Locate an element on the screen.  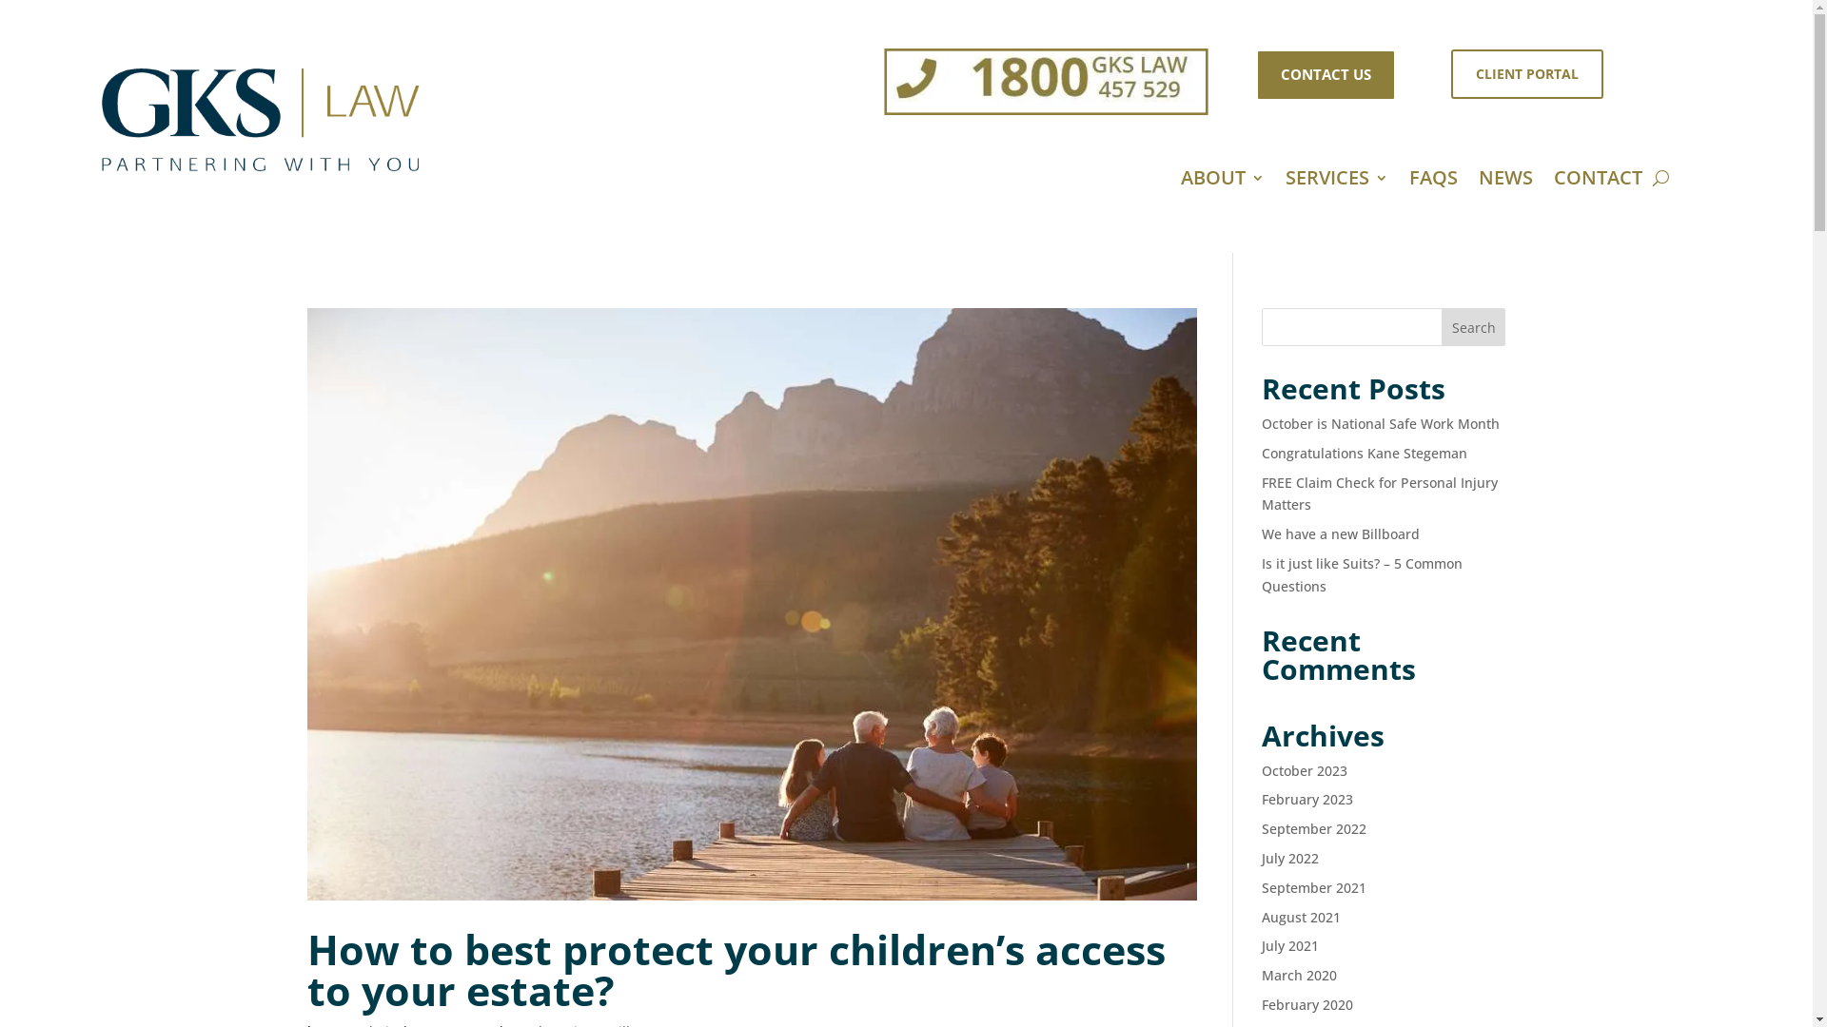
'August 2021' is located at coordinates (1300, 916).